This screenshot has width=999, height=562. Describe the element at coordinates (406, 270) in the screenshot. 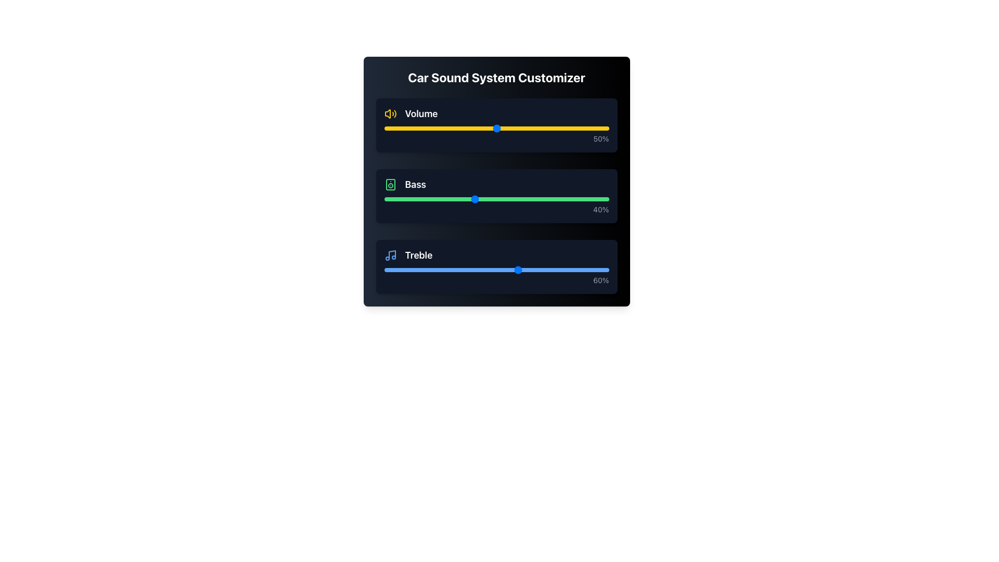

I see `the treble level` at that location.